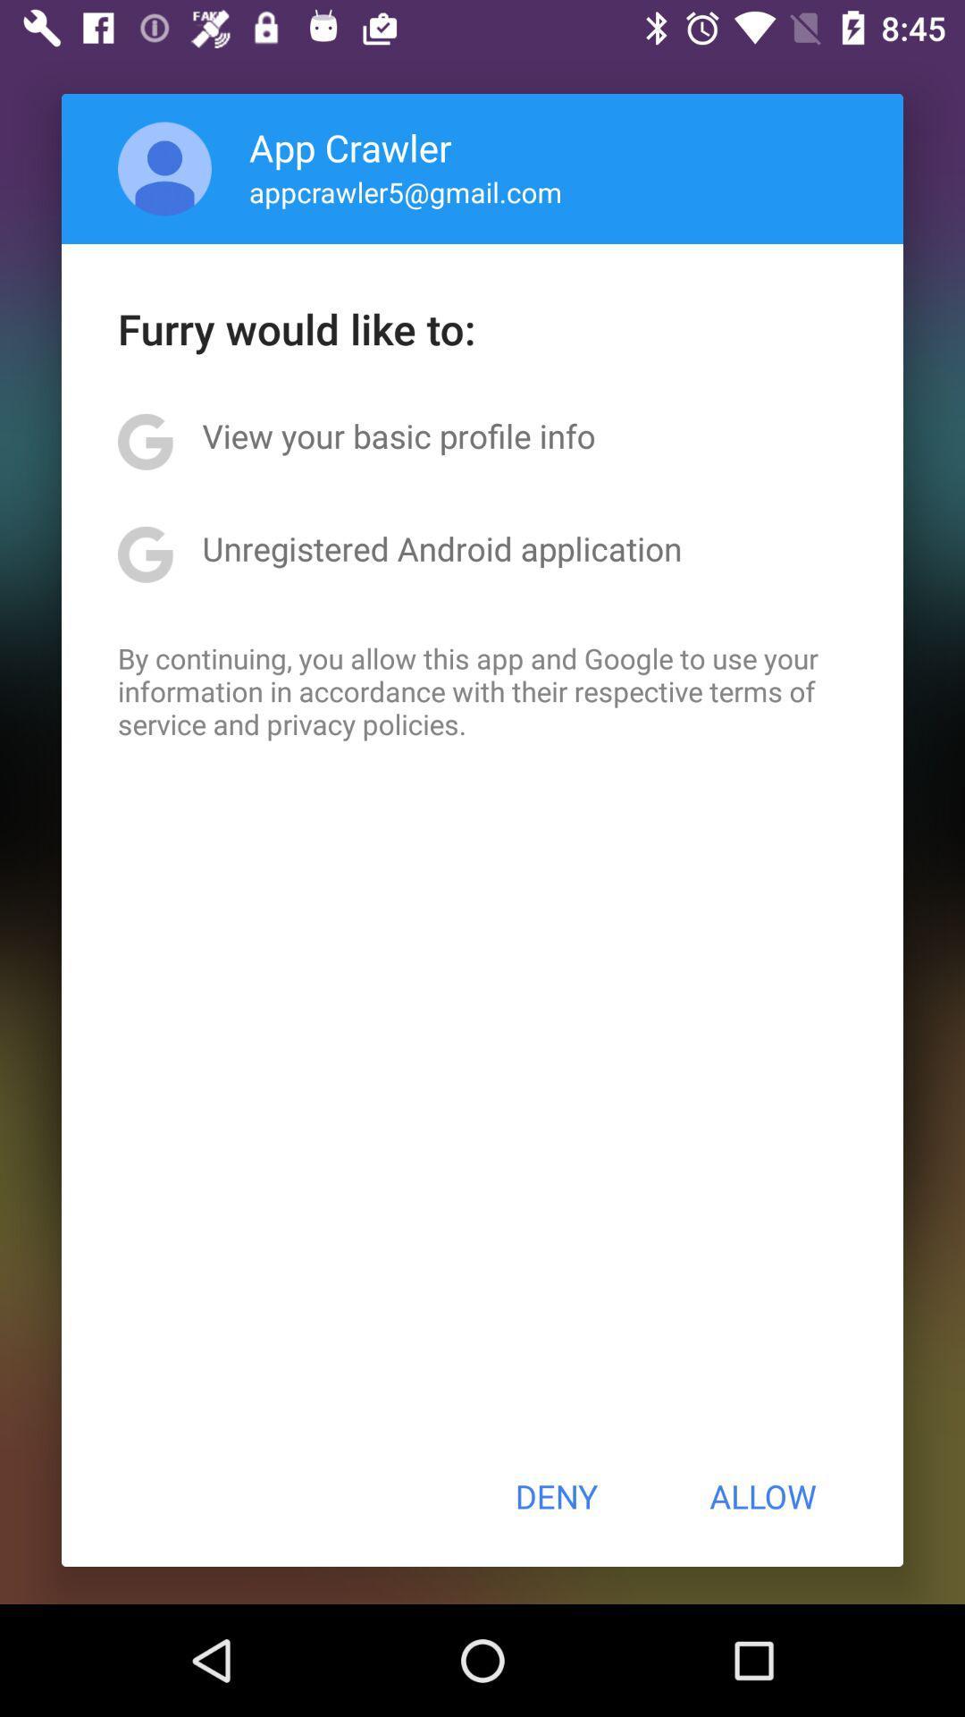 Image resolution: width=965 pixels, height=1717 pixels. I want to click on the appcrawler5@gmail.com item, so click(406, 191).